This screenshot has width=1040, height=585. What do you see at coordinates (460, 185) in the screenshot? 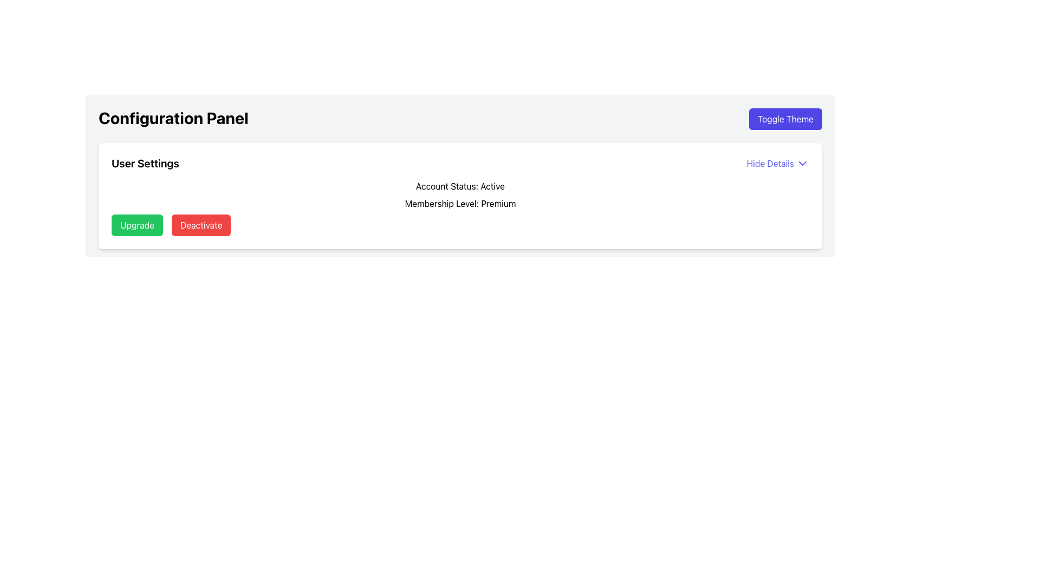
I see `the static label indicating the current account status, which is located above the 'Membership Level: Premium' text in the User Settings section` at bounding box center [460, 185].